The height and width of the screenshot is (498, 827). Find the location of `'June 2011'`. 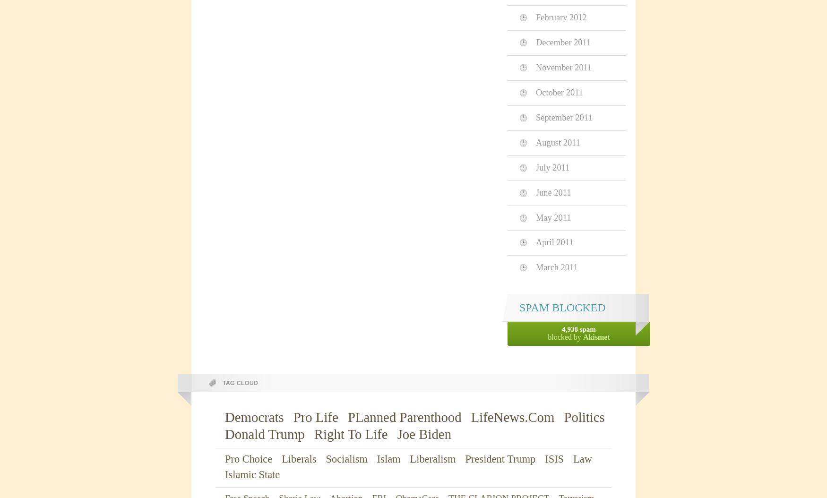

'June 2011' is located at coordinates (552, 191).